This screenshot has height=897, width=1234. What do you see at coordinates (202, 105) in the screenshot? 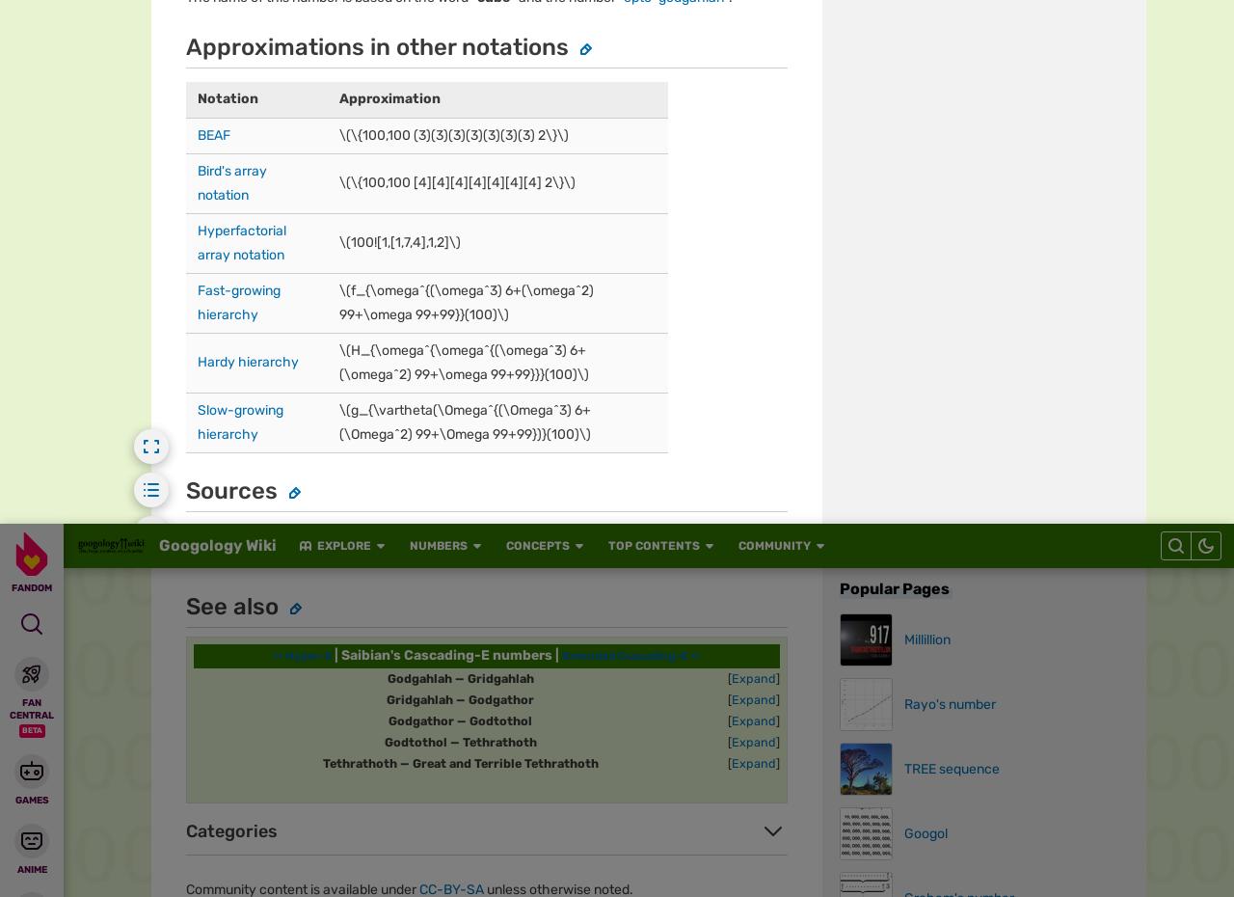
I see `'Fanatical'` at bounding box center [202, 105].